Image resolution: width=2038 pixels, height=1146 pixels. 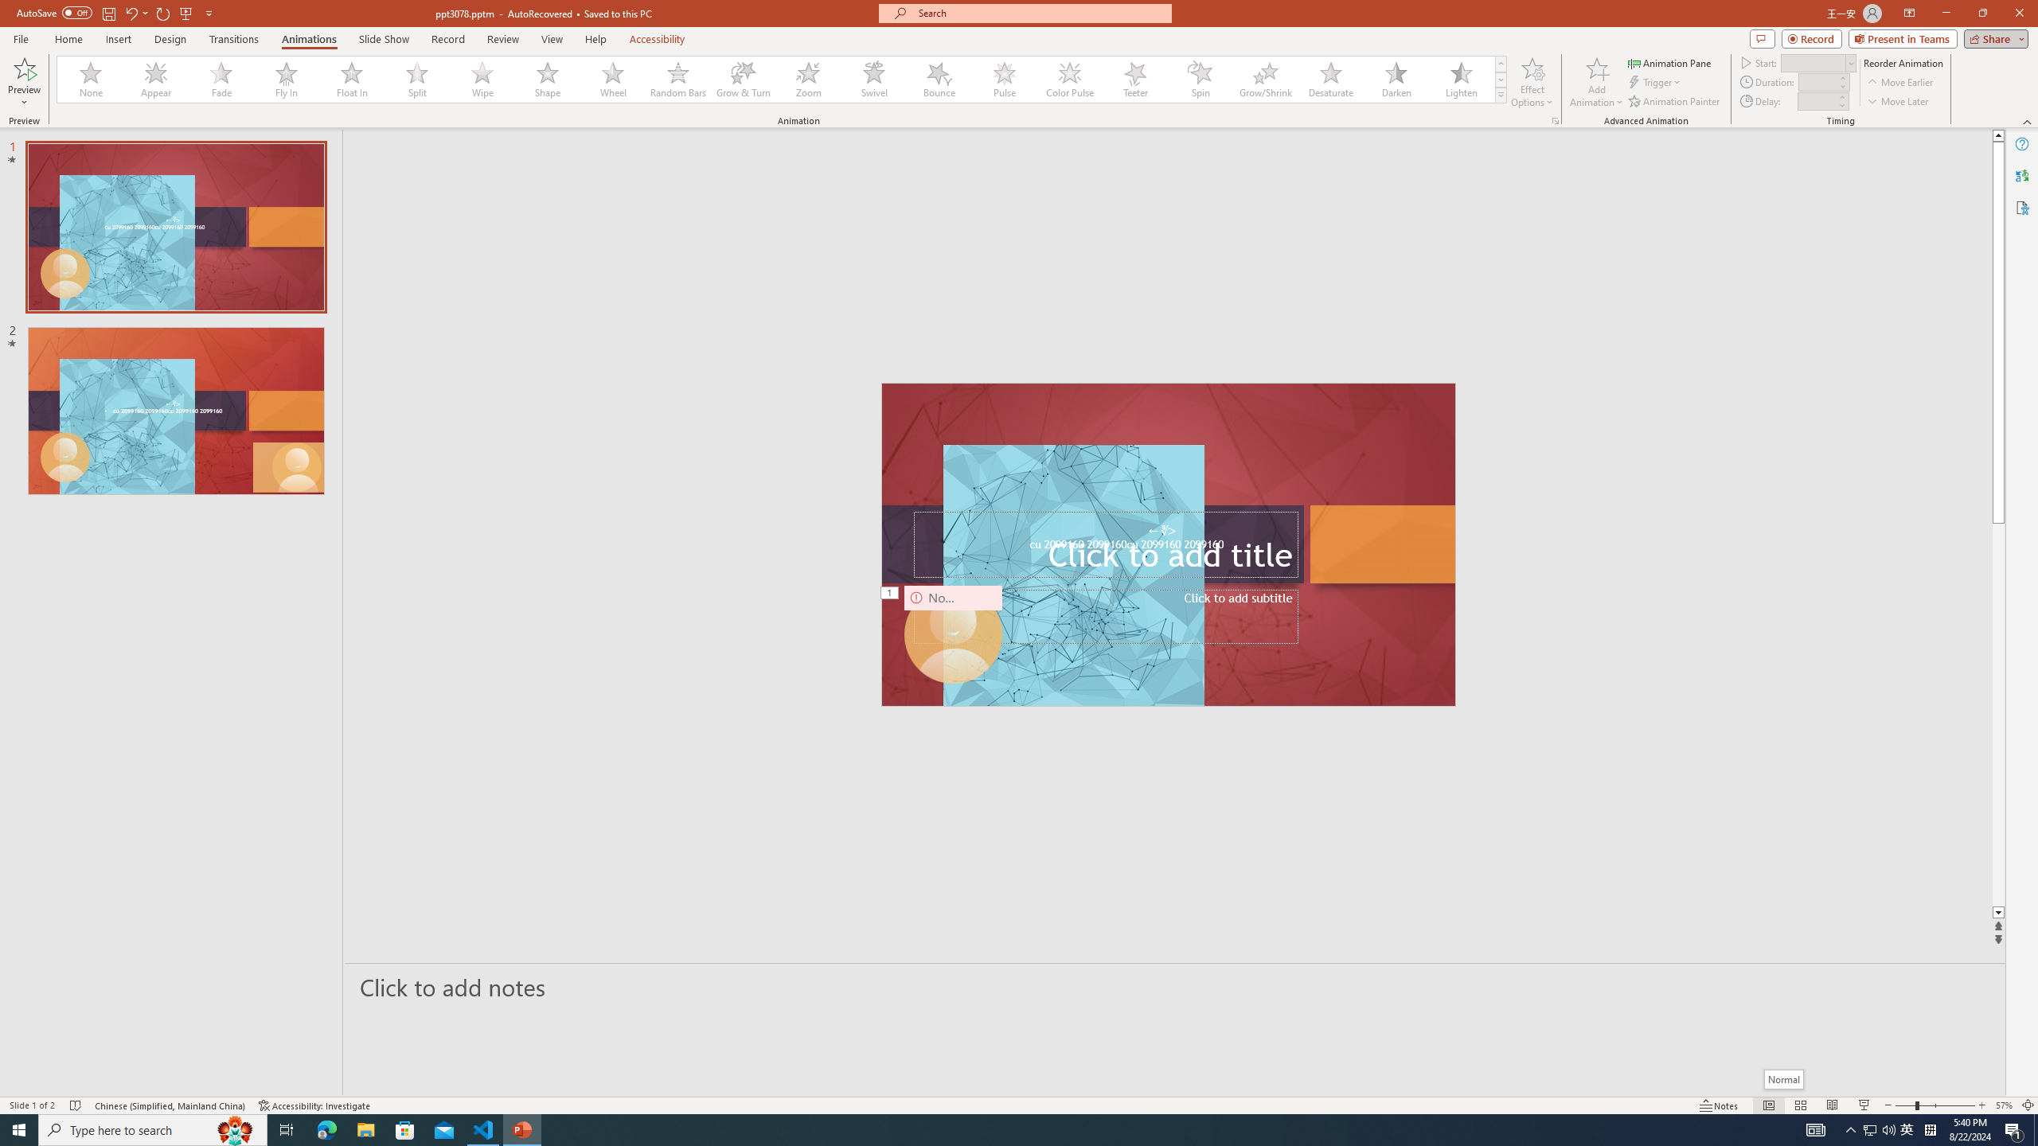 I want to click on 'Grow & Turn', so click(x=743, y=79).